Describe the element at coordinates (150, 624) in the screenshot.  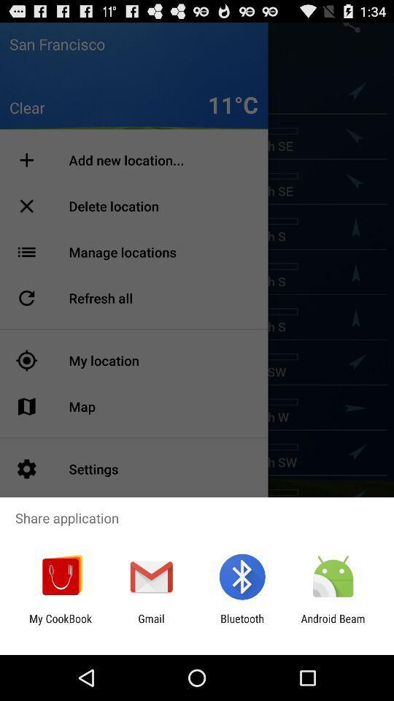
I see `the icon next to the bluetooth item` at that location.